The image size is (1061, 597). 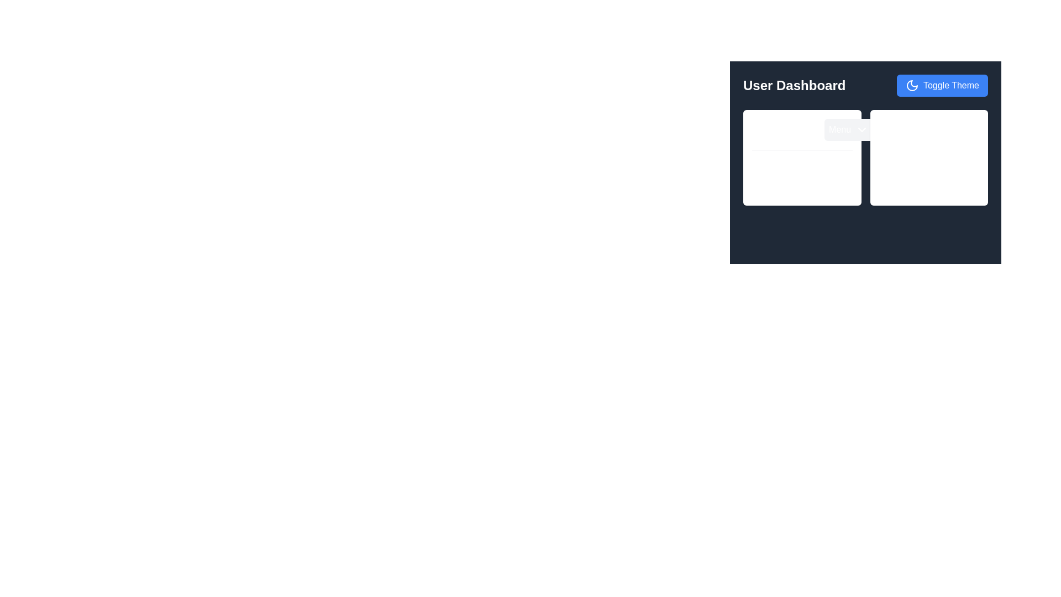 What do you see at coordinates (912, 85) in the screenshot?
I see `the crescent moon icon within the 'Toggle Theme' button located in the top-right corner of the dashboard interface` at bounding box center [912, 85].